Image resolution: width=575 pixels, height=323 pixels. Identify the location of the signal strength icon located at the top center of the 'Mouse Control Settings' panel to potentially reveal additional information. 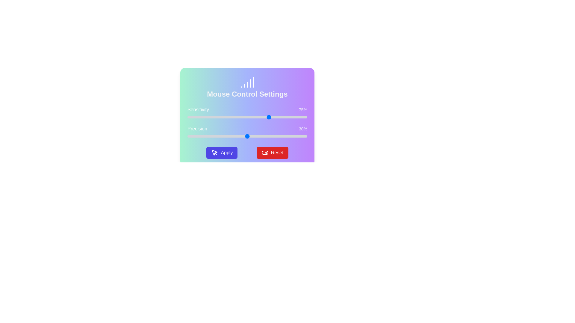
(247, 82).